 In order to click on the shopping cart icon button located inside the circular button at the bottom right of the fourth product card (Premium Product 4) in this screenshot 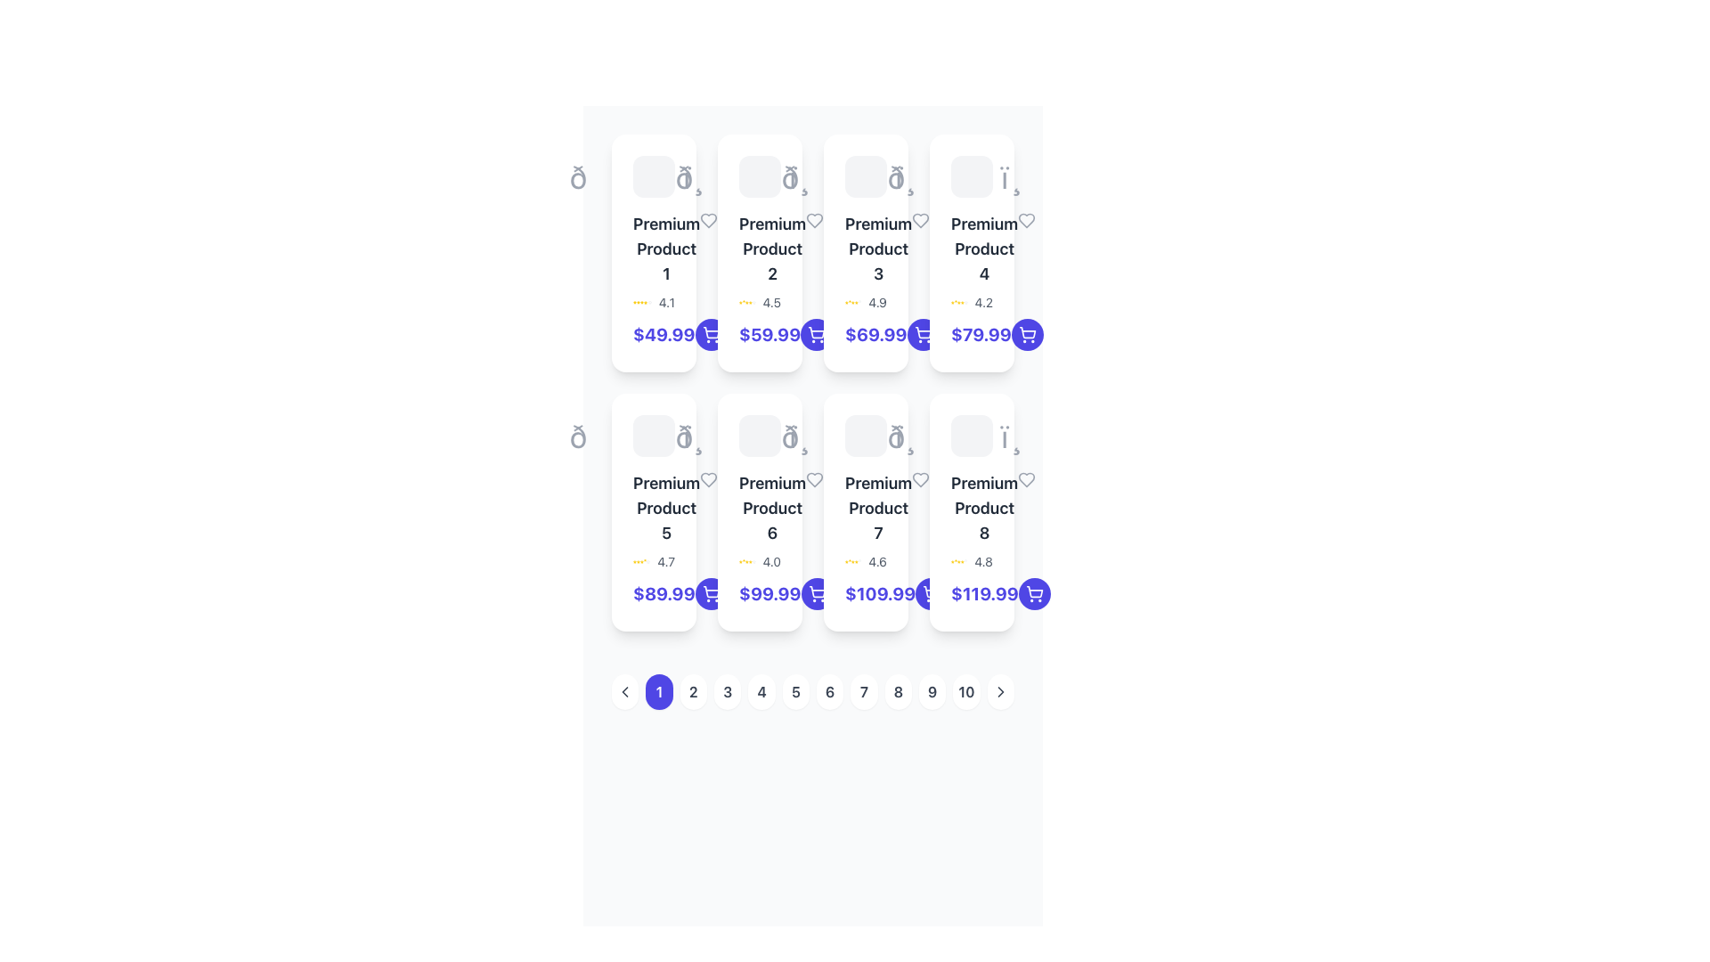, I will do `click(923, 332)`.